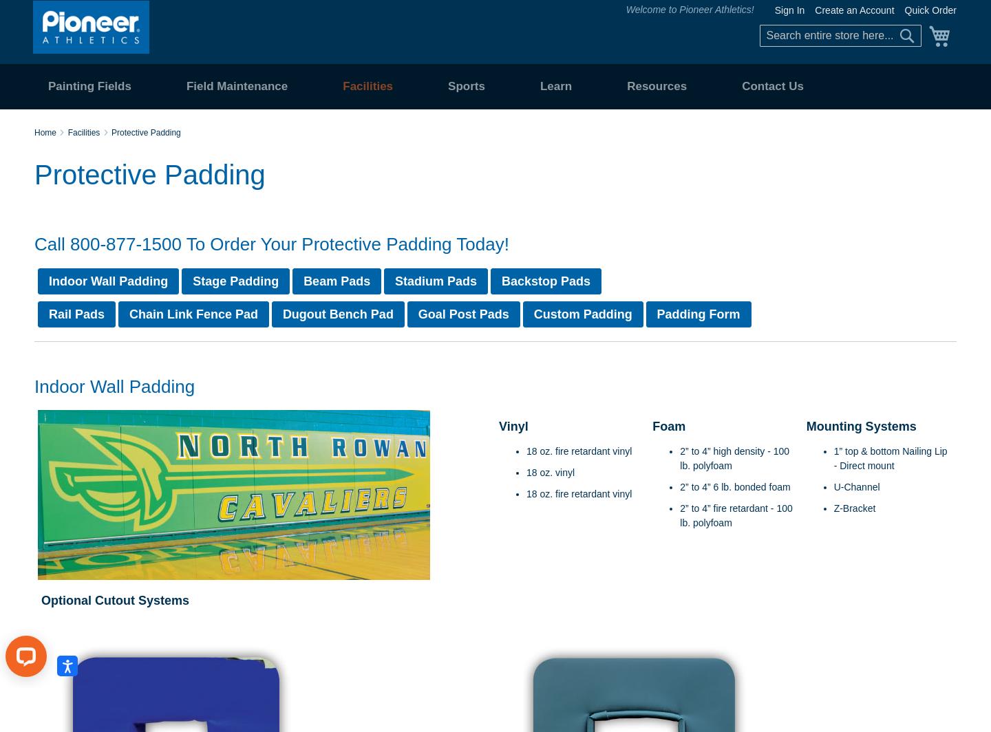  I want to click on 'Create an Account', so click(814, 10).